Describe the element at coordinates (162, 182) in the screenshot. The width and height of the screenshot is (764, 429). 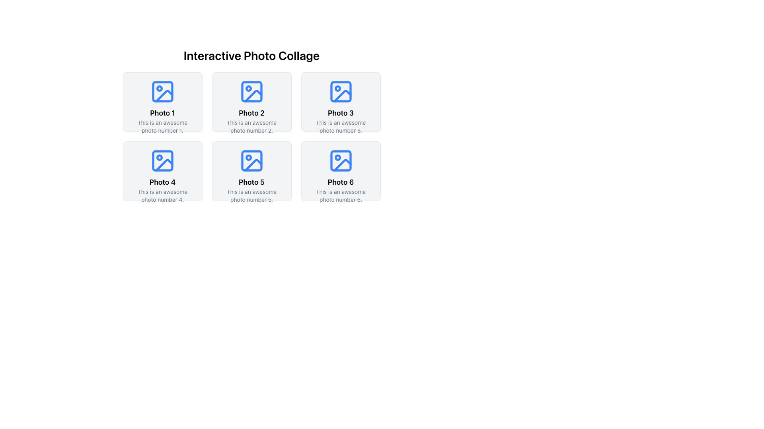
I see `text label displaying 'Photo 4' which is located in the fourth item of a six-item grid, positioned below an image icon and above descriptive text` at that location.